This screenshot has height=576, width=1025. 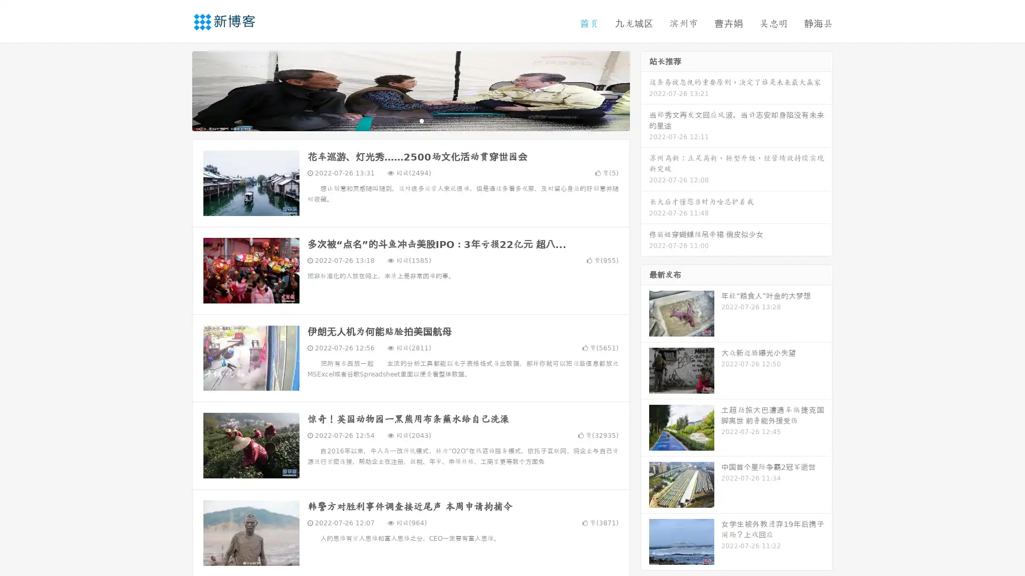 I want to click on Next slide, so click(x=645, y=90).